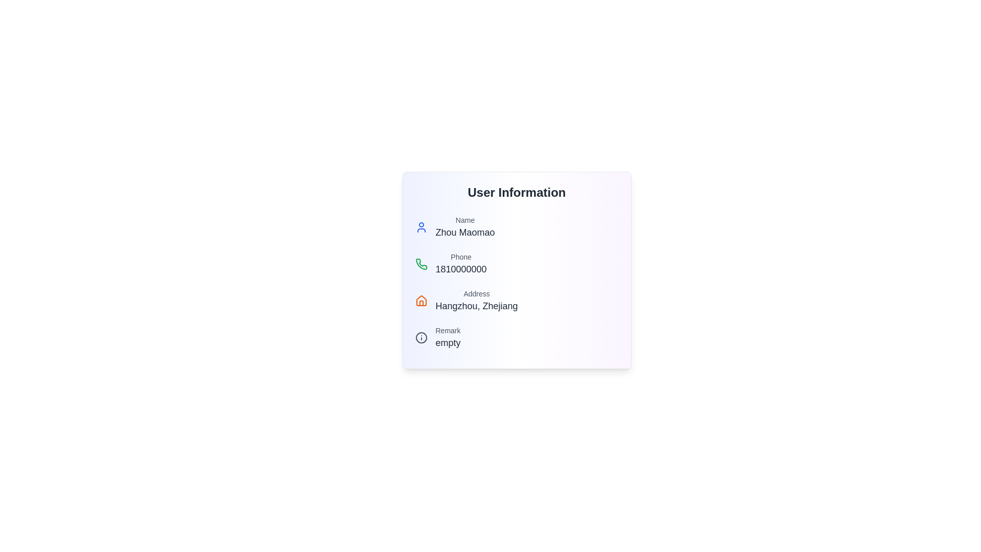  Describe the element at coordinates (448, 331) in the screenshot. I see `the Text label indicating remarks or comments within the 'User Information' section, located above the sibling text 'empty'` at that location.